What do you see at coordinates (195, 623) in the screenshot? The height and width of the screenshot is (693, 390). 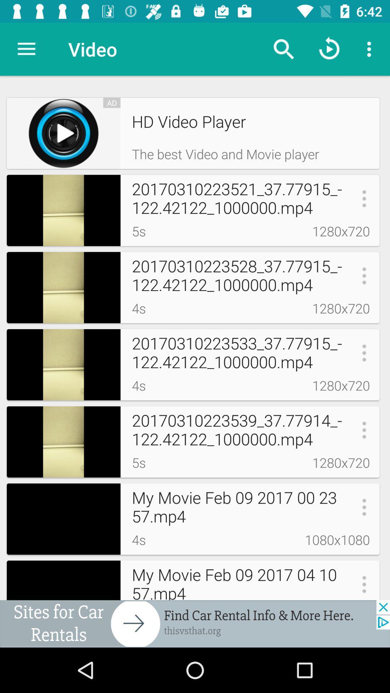 I see `open advert` at bounding box center [195, 623].